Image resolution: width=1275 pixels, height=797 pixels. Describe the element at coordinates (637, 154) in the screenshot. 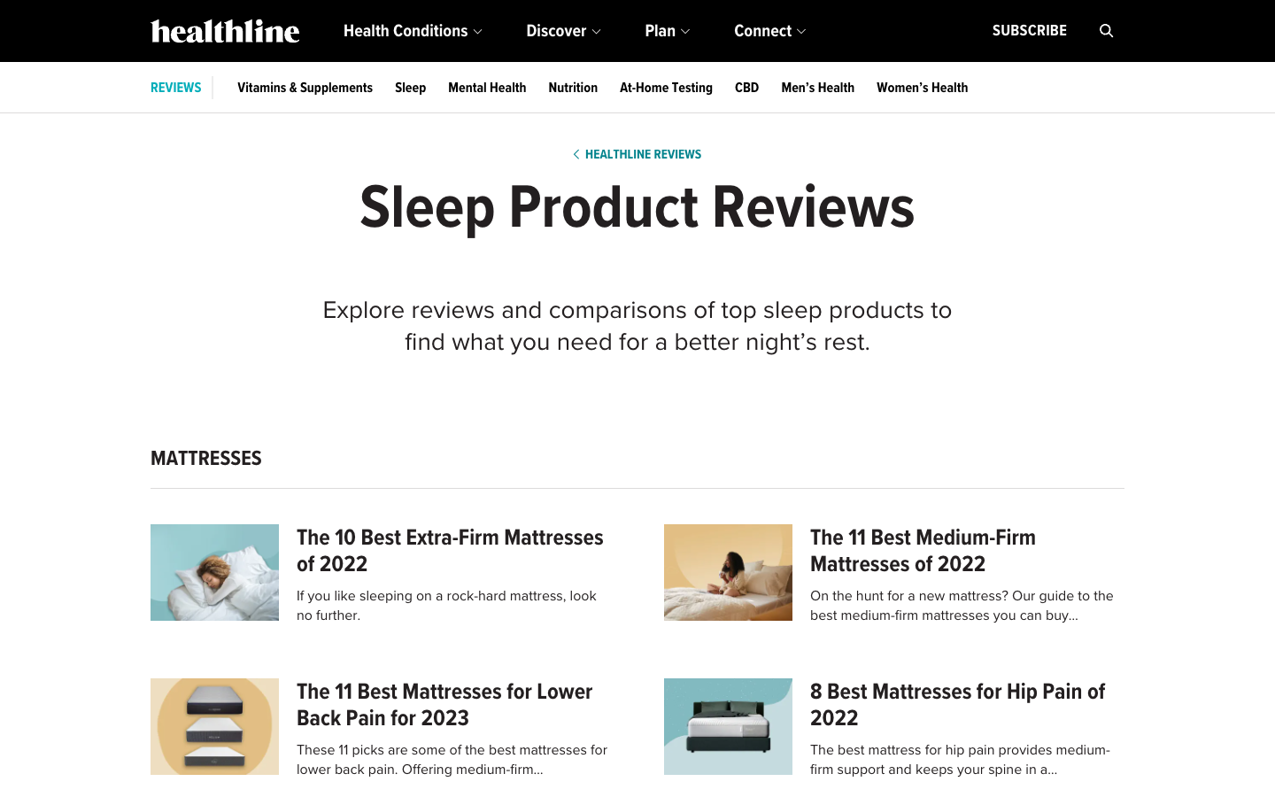

I see `Navigate back to the Healthline reviews page` at that location.